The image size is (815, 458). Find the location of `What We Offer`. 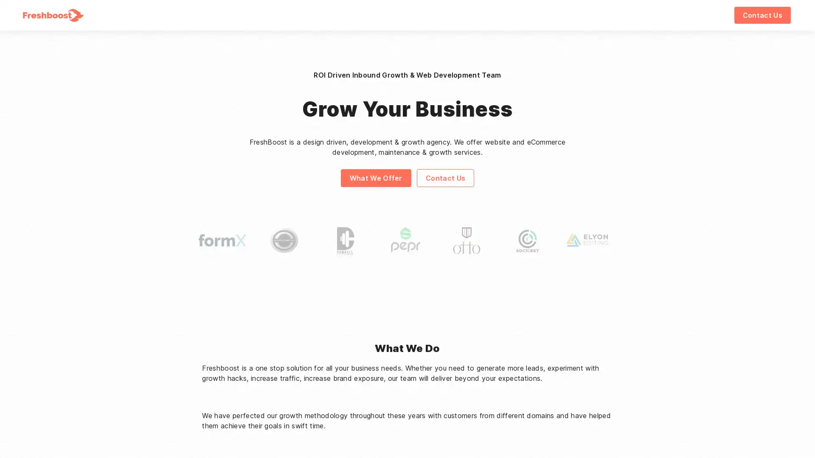

What We Offer is located at coordinates (375, 177).